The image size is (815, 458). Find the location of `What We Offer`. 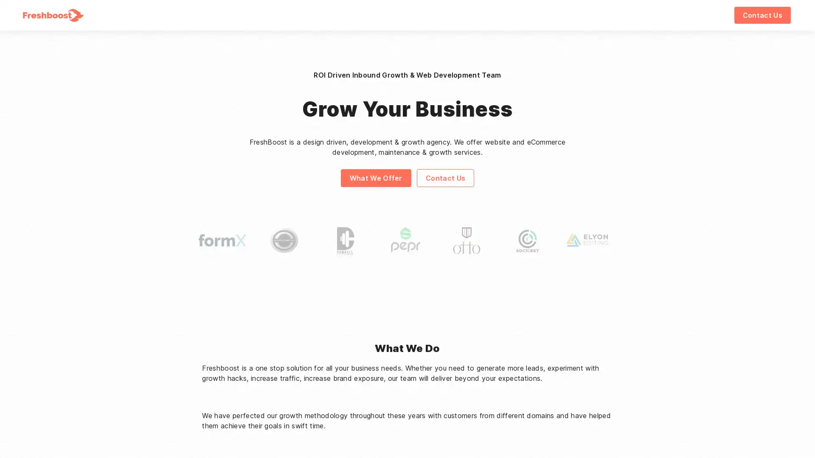

What We Offer is located at coordinates (375, 177).